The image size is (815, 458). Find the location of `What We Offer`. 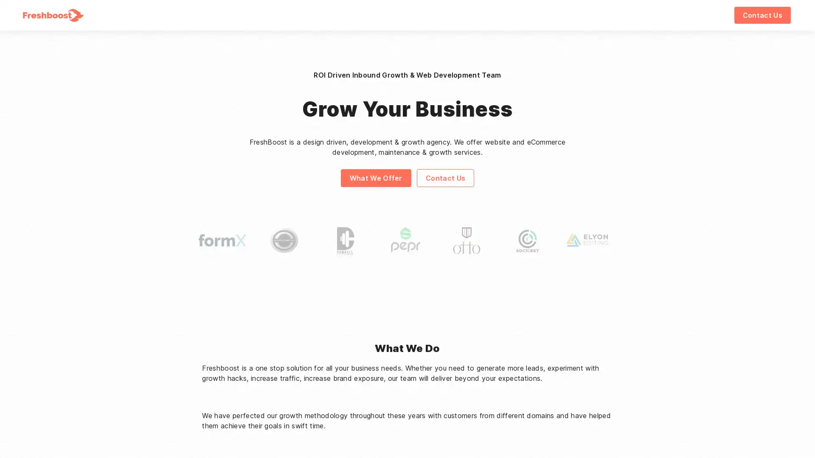

What We Offer is located at coordinates (375, 177).